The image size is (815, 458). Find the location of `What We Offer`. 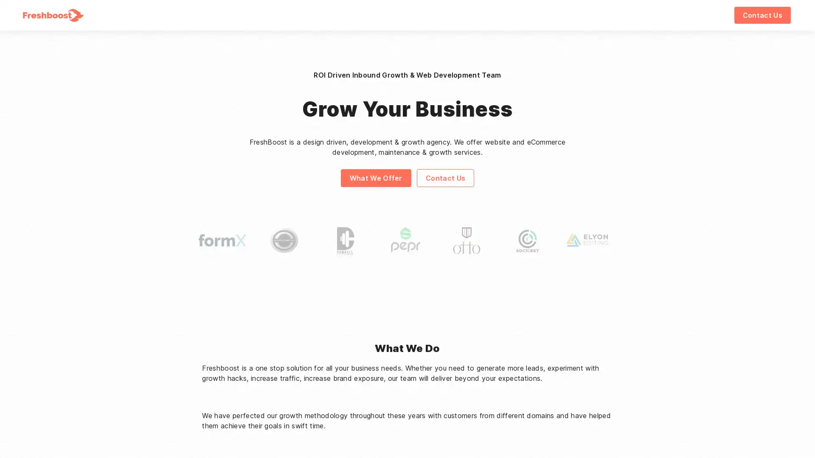

What We Offer is located at coordinates (375, 177).